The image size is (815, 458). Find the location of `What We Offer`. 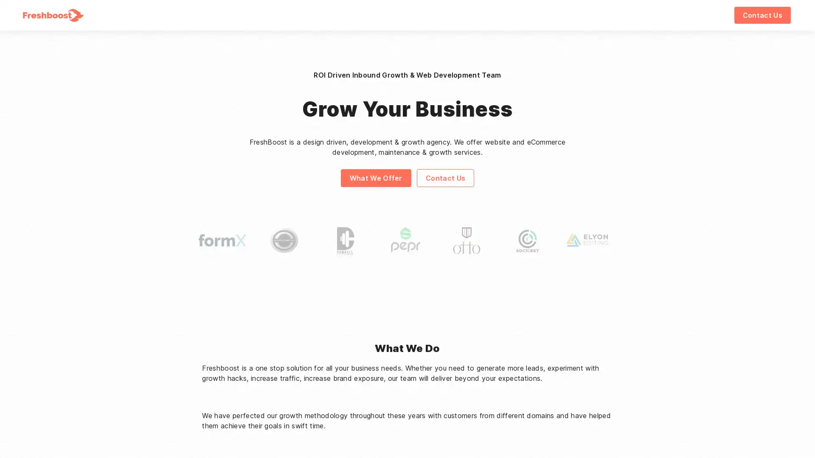

What We Offer is located at coordinates (375, 177).